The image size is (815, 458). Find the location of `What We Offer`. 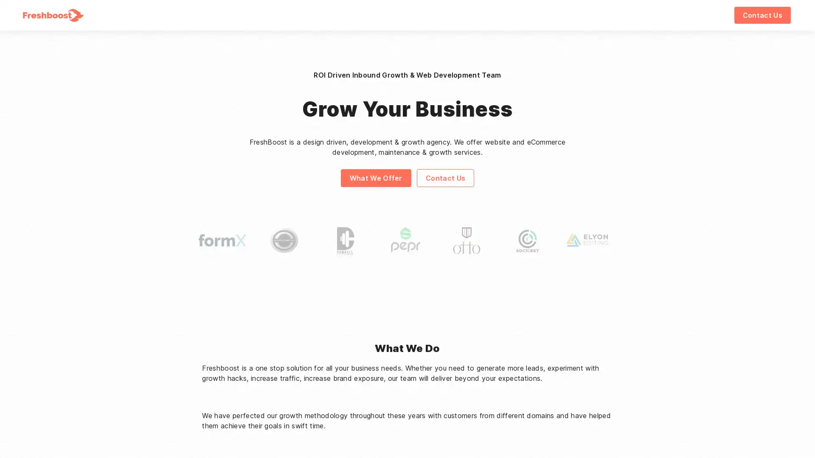

What We Offer is located at coordinates (375, 177).